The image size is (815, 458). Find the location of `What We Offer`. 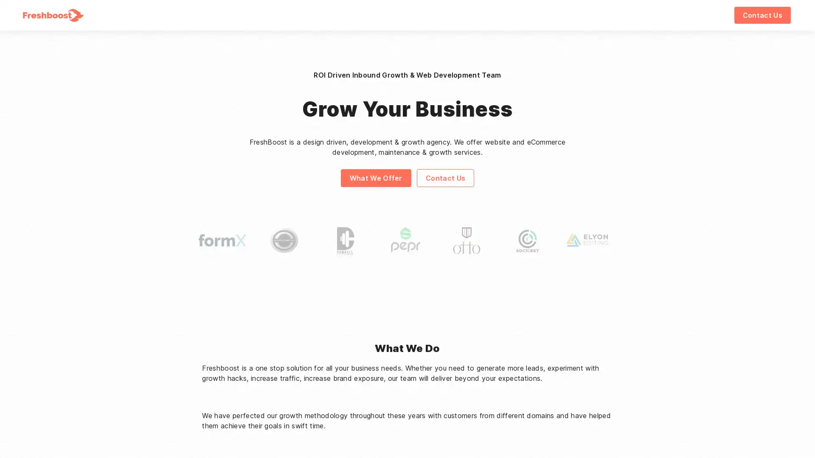

What We Offer is located at coordinates (375, 177).